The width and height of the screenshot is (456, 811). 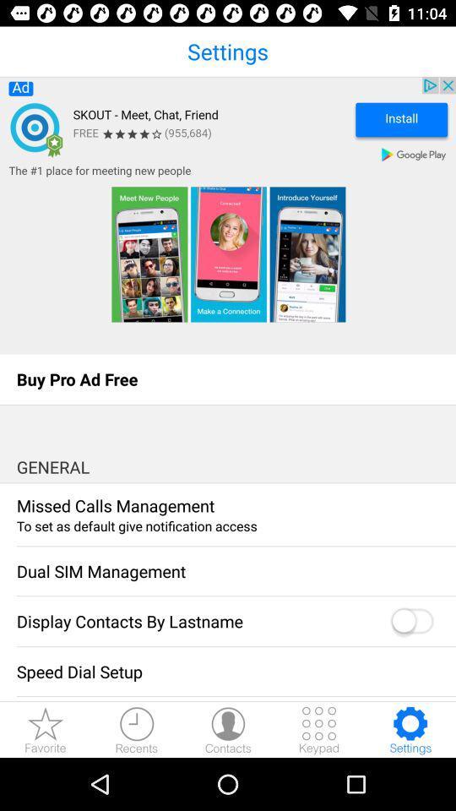 What do you see at coordinates (319, 729) in the screenshot?
I see `the button left to settings` at bounding box center [319, 729].